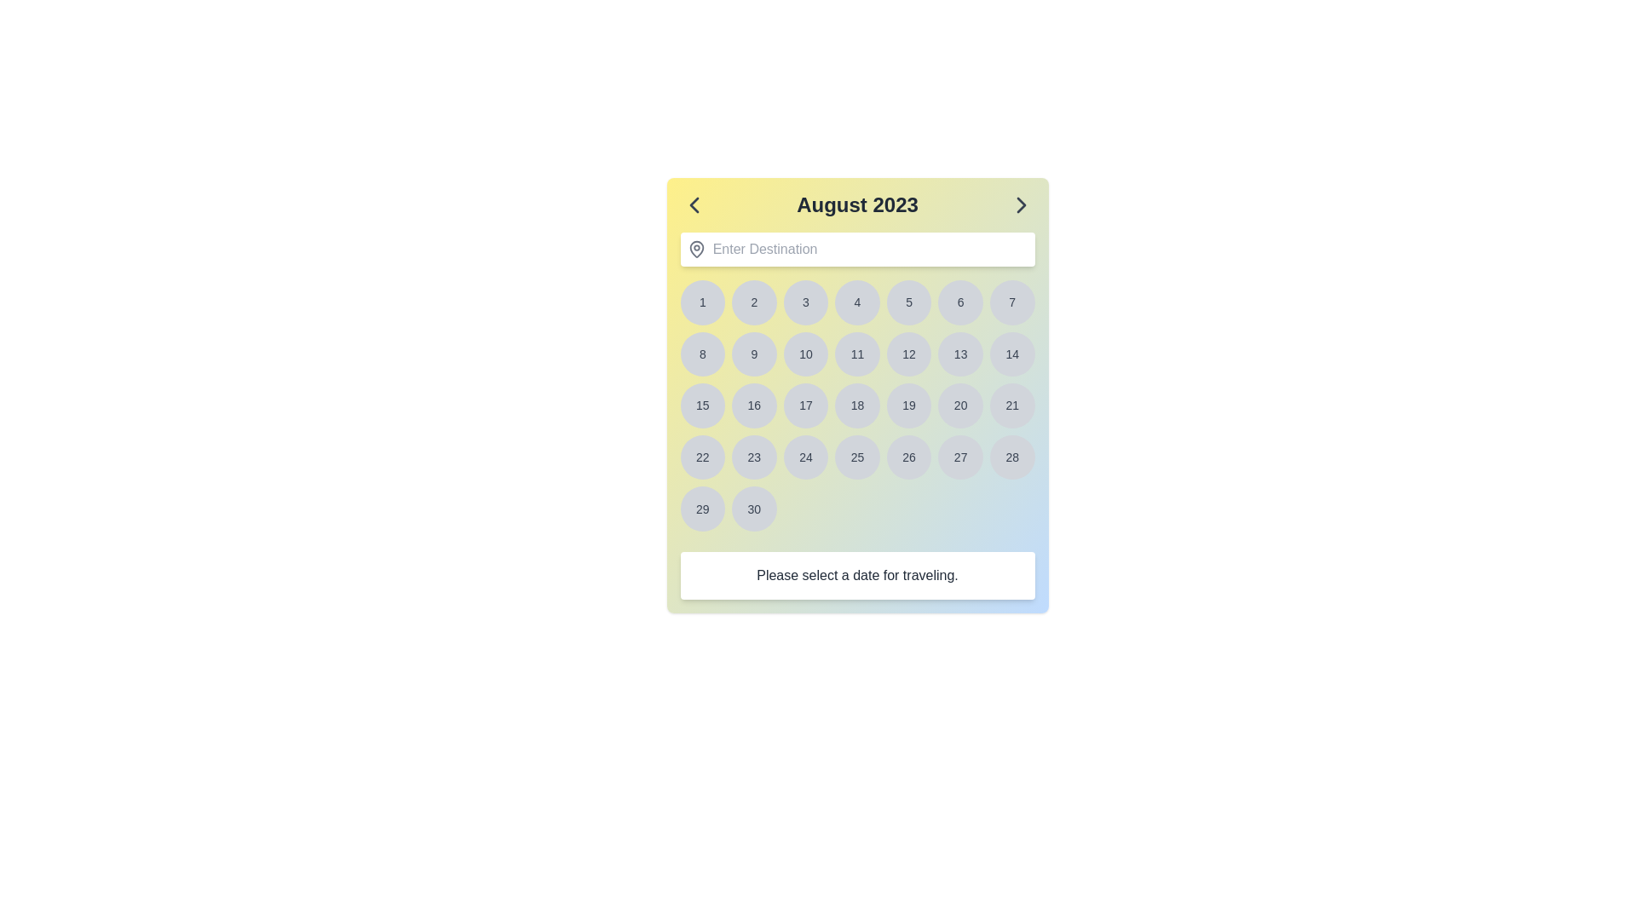 Image resolution: width=1636 pixels, height=920 pixels. What do you see at coordinates (857, 302) in the screenshot?
I see `the circular gray button labeled '4'` at bounding box center [857, 302].